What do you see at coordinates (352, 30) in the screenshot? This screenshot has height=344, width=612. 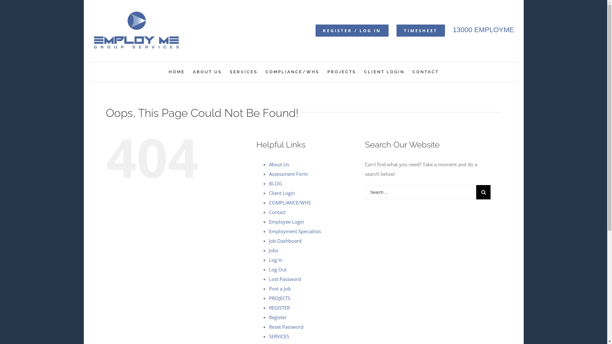 I see `'REGISTER / LOG IN'` at bounding box center [352, 30].